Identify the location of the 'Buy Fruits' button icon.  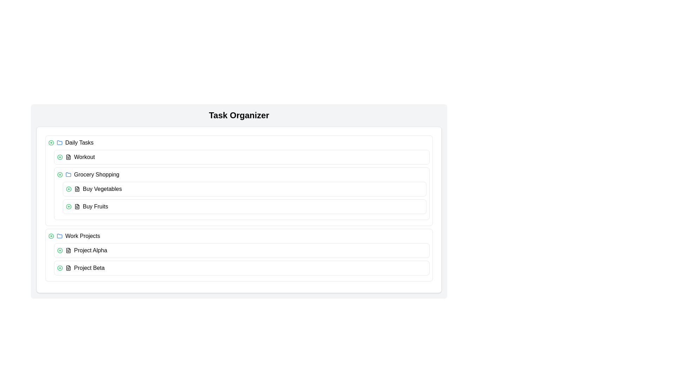
(69, 206).